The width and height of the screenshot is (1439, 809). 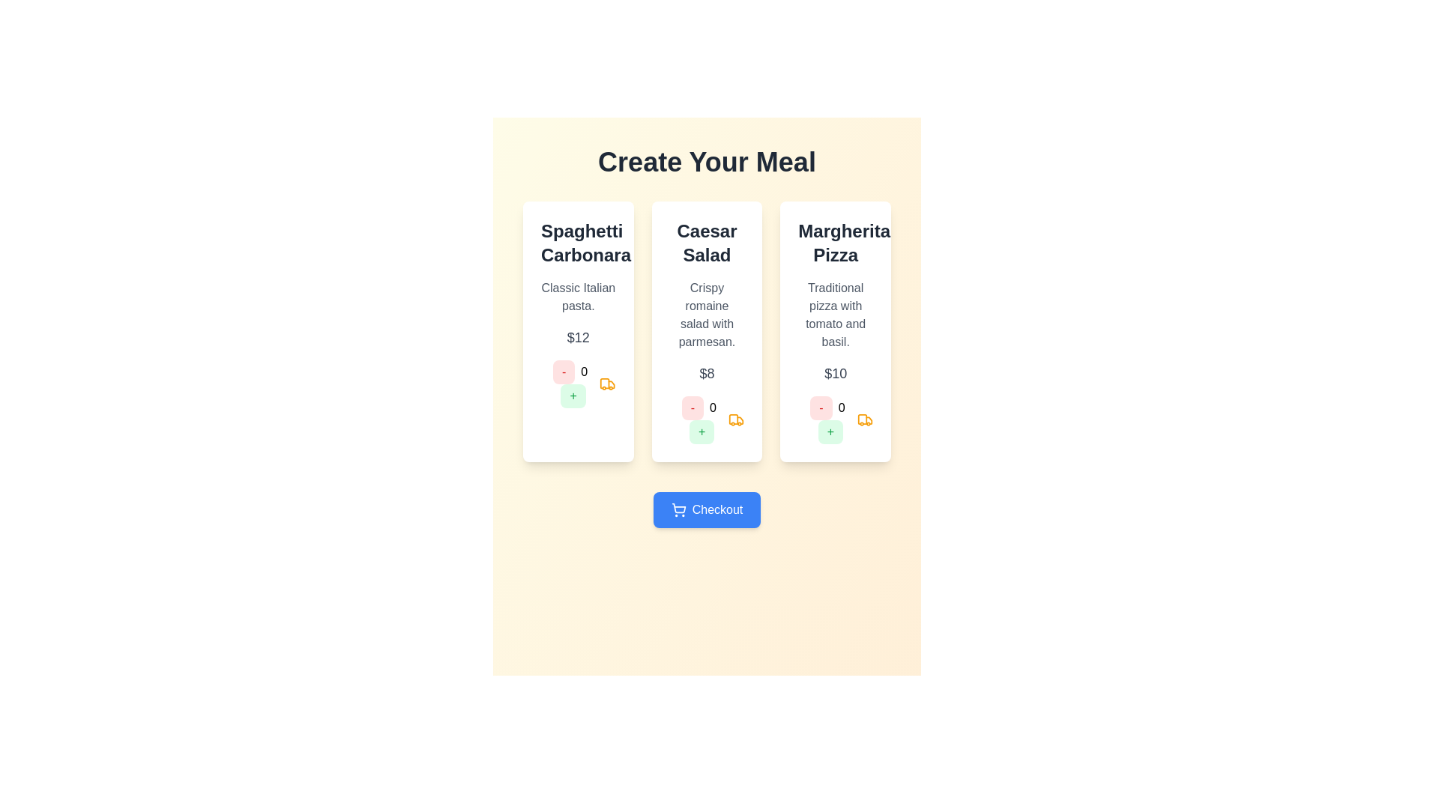 What do you see at coordinates (865, 419) in the screenshot?
I see `the small orange truck-shaped icon located below the number '0' in the rightmost card labeled 'Margherita Pizza'` at bounding box center [865, 419].